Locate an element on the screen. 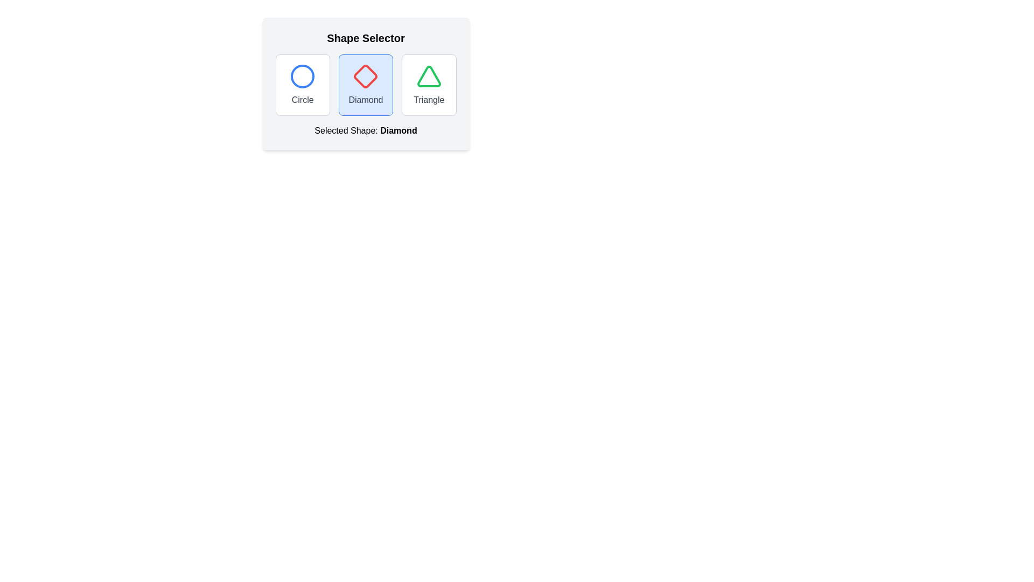 This screenshot has height=582, width=1034. the diamond-shaped graphical icon within the 'Diamond' button in the shape selector interface is located at coordinates (366, 76).